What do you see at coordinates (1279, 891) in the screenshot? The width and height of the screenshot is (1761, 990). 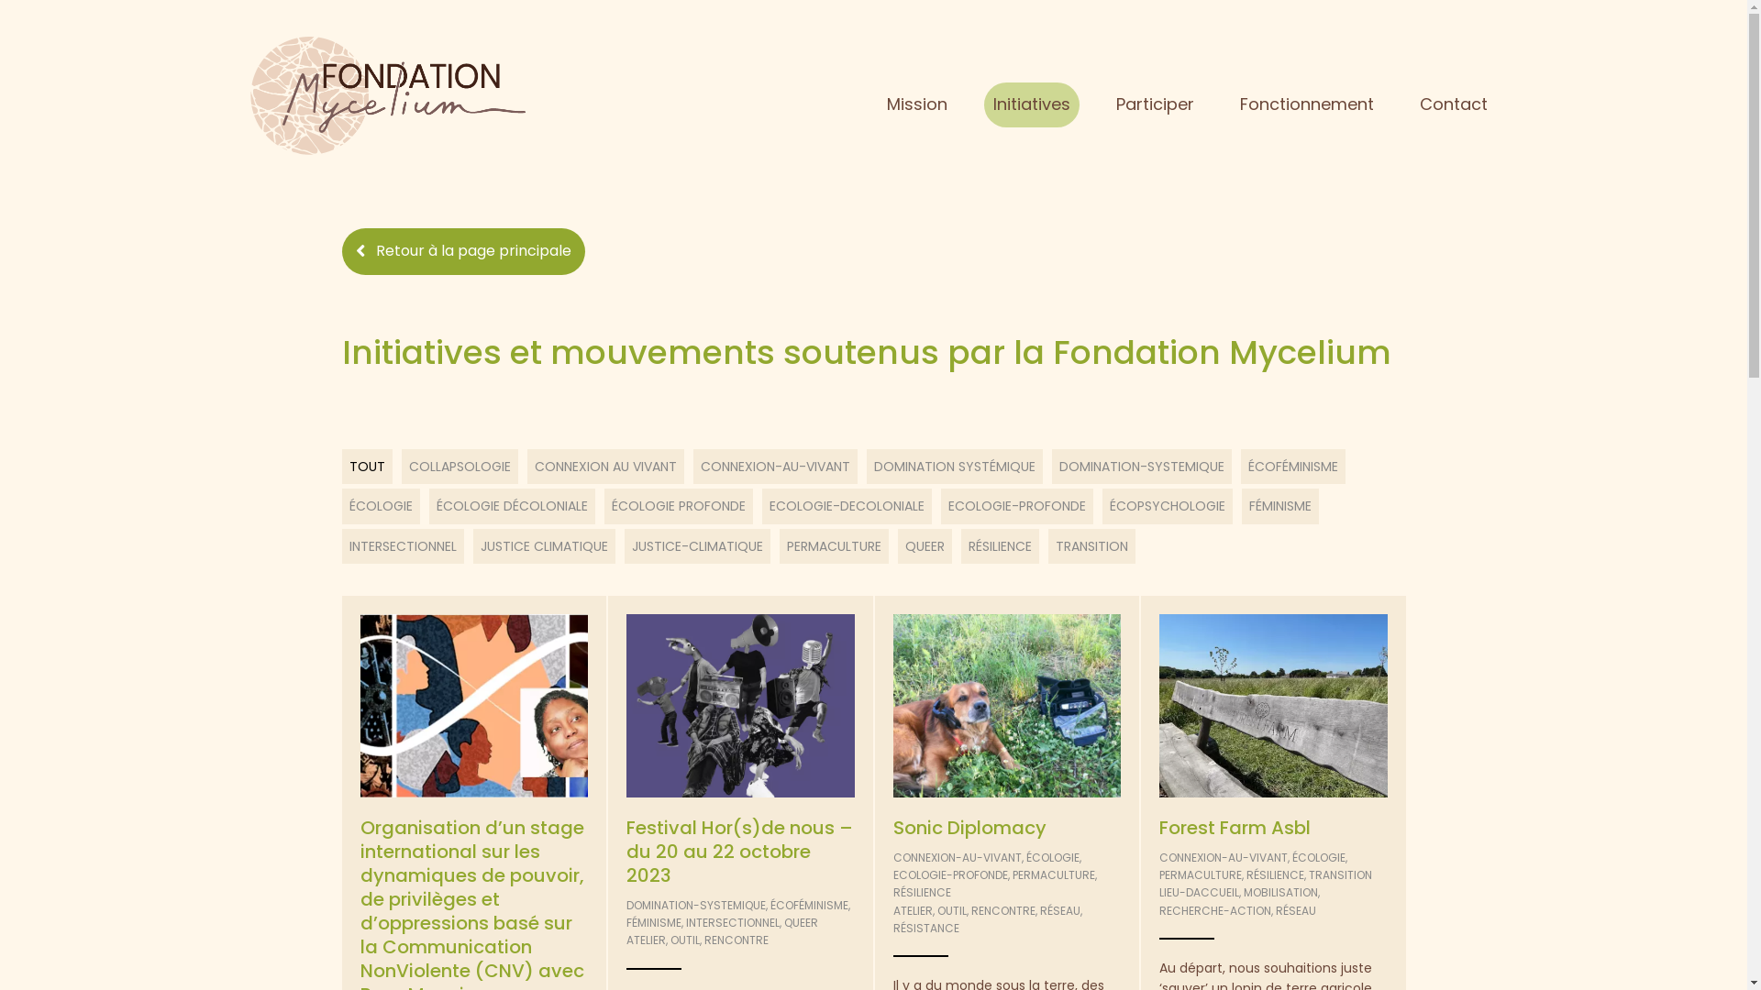 I see `'MOBILISATION'` at bounding box center [1279, 891].